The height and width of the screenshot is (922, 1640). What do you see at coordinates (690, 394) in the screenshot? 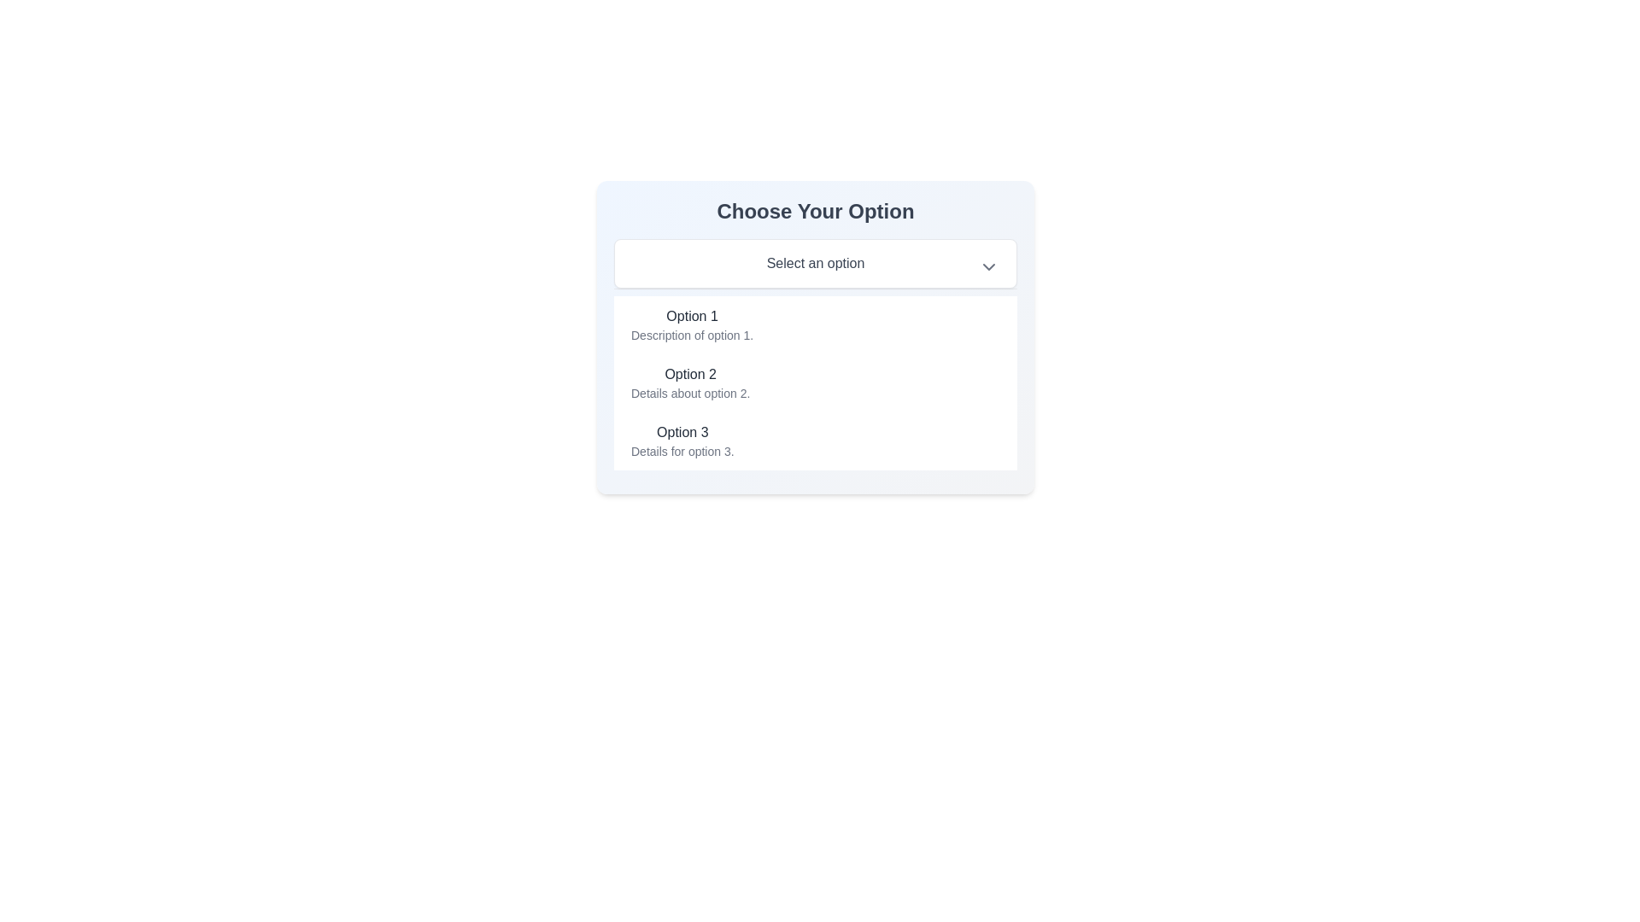
I see `the label providing additional details for 'Option 2' located below the text within the dropdown menu area` at bounding box center [690, 394].